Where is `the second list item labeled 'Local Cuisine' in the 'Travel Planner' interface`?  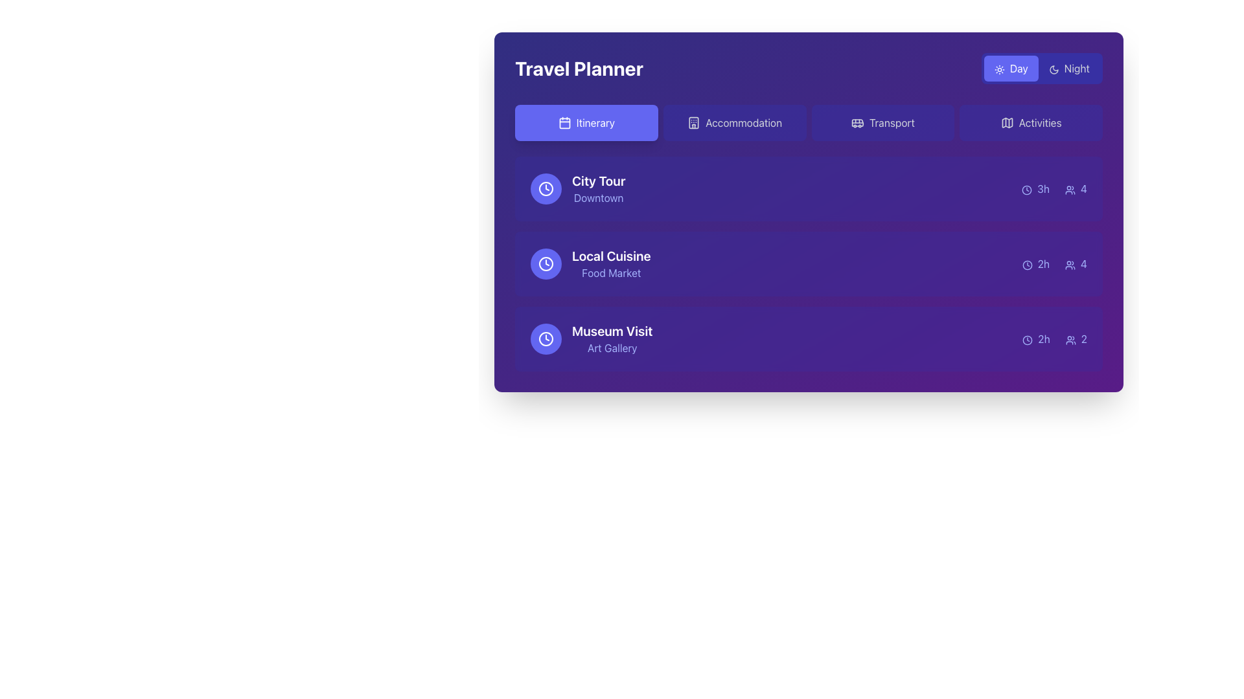
the second list item labeled 'Local Cuisine' in the 'Travel Planner' interface is located at coordinates (808, 263).